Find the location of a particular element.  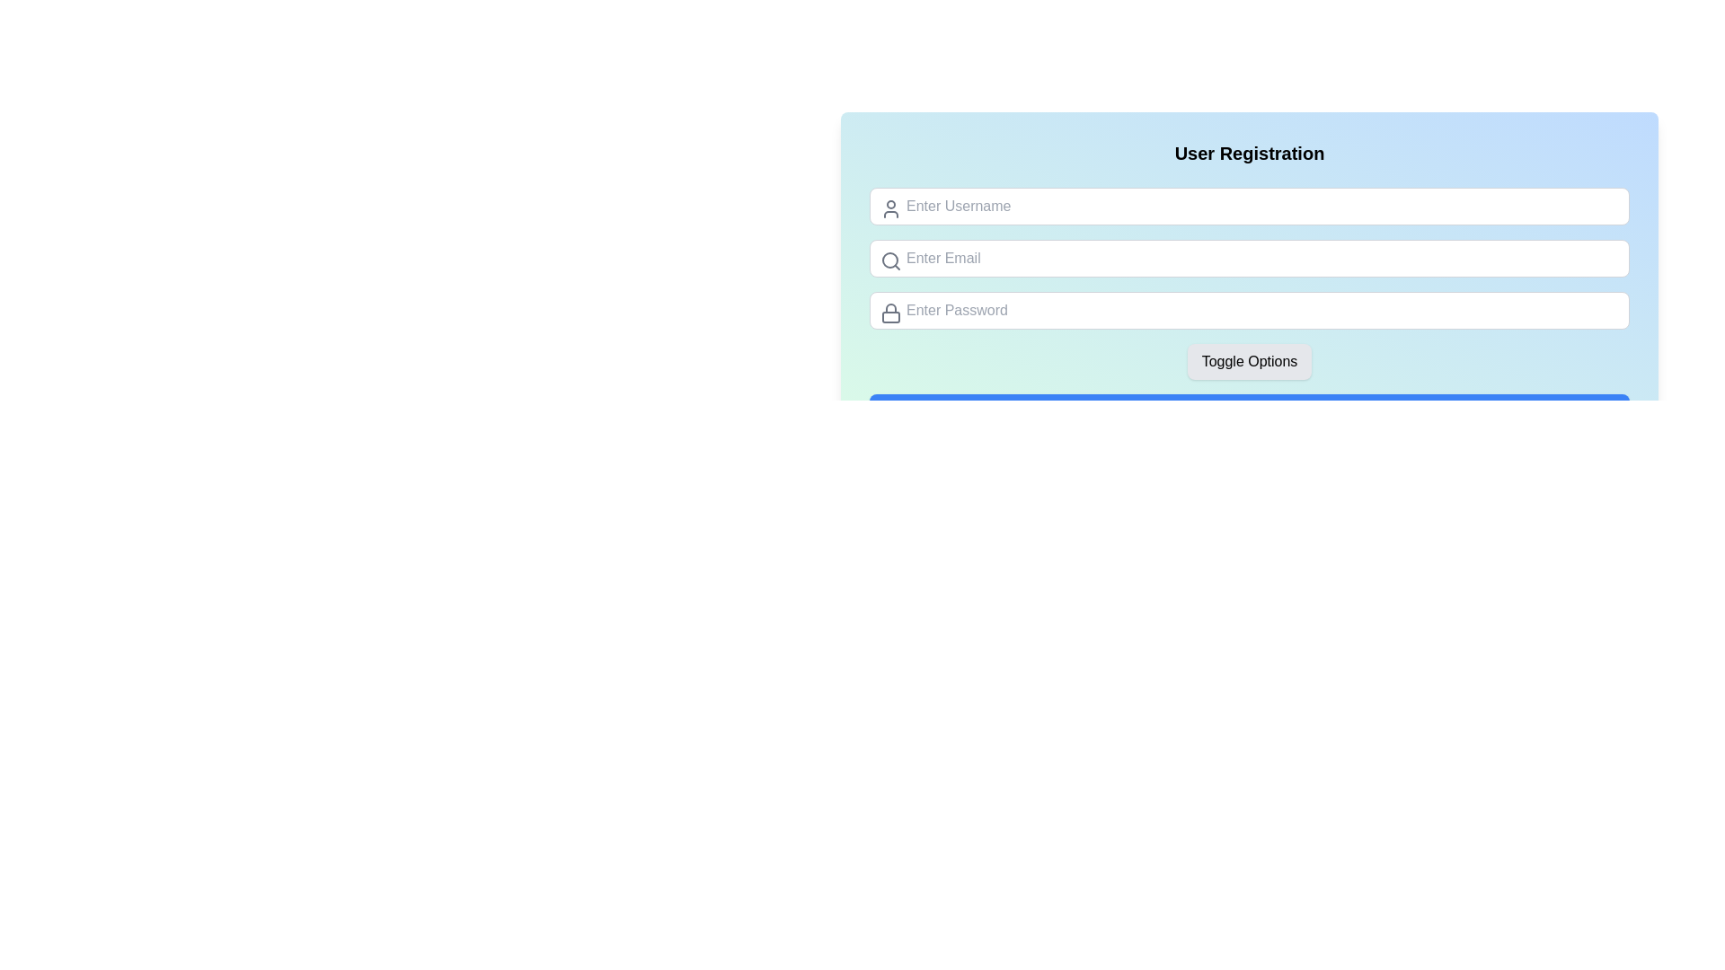

the 'Toggle Options' button located at the lower portion of the user registration form is located at coordinates (1249, 361).